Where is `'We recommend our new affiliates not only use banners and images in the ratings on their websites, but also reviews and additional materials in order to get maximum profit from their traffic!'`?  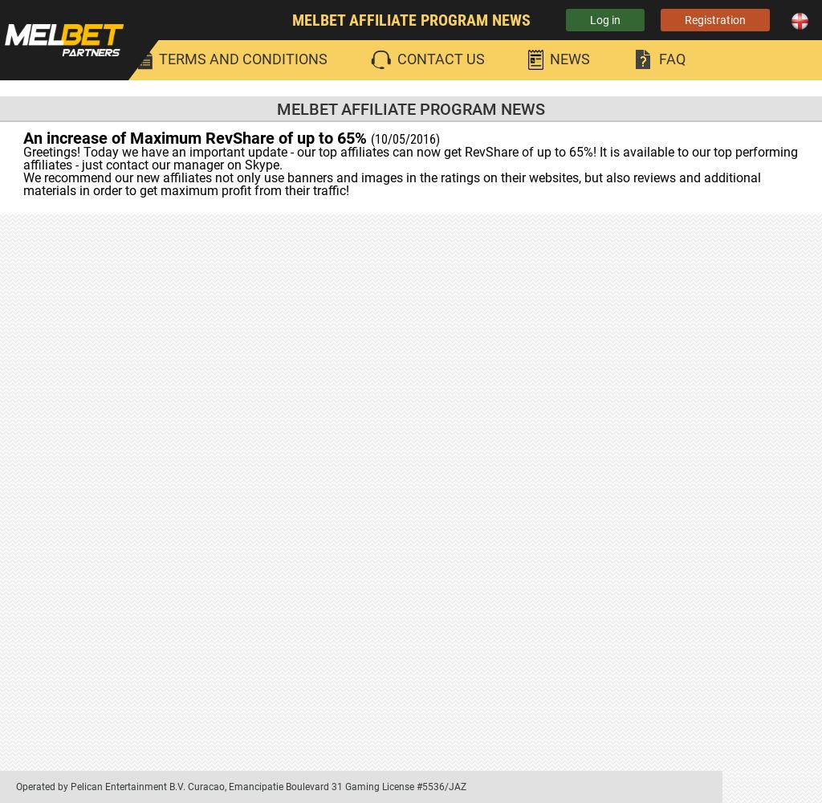 'We recommend our new affiliates not only use banners and images in the ratings on their websites, but also reviews and additional materials in order to get maximum profit from their traffic!' is located at coordinates (391, 183).